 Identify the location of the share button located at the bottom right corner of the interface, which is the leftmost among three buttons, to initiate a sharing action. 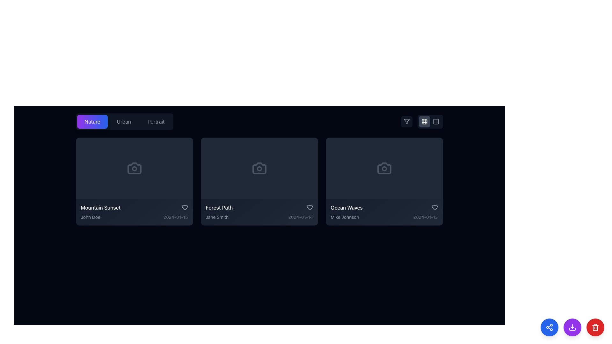
(549, 327).